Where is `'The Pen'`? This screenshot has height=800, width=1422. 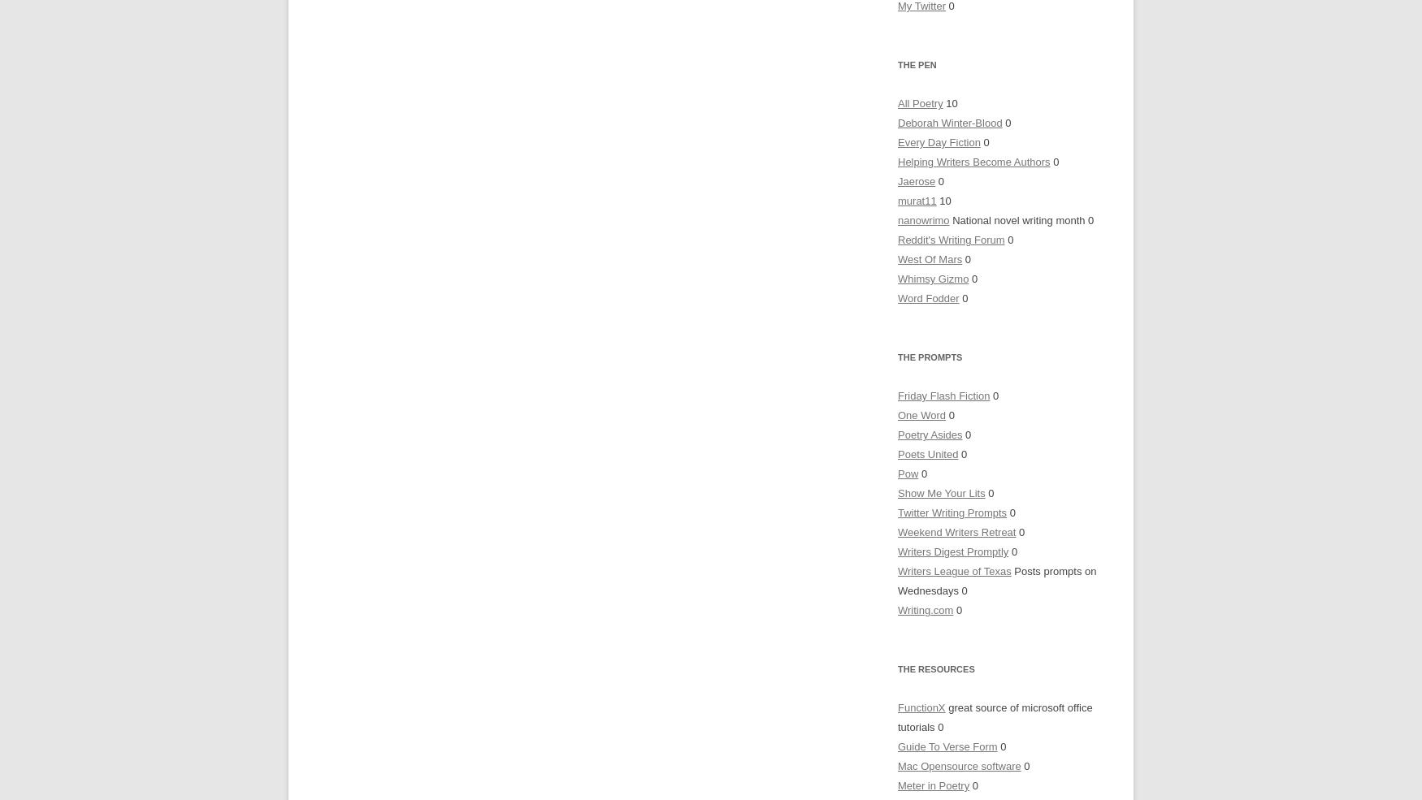 'The Pen' is located at coordinates (897, 63).